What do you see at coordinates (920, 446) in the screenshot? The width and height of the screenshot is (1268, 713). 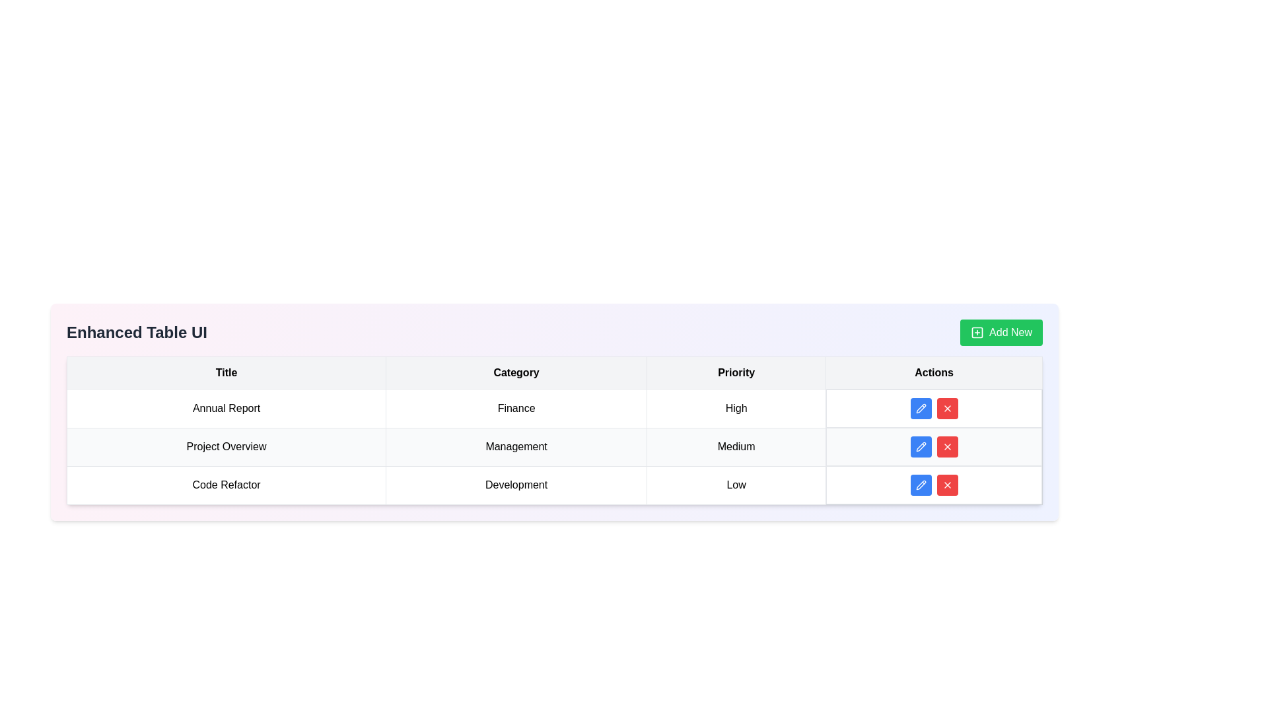 I see `the 'Edit' button` at bounding box center [920, 446].